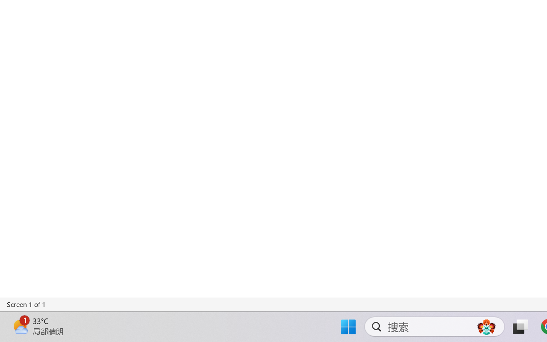 Image resolution: width=547 pixels, height=342 pixels. What do you see at coordinates (26, 304) in the screenshot?
I see `'Page Number Screen 1 of 1 '` at bounding box center [26, 304].